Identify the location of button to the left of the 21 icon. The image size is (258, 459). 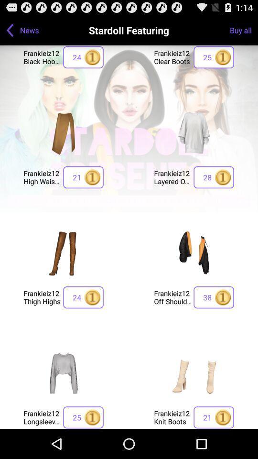
(42, 176).